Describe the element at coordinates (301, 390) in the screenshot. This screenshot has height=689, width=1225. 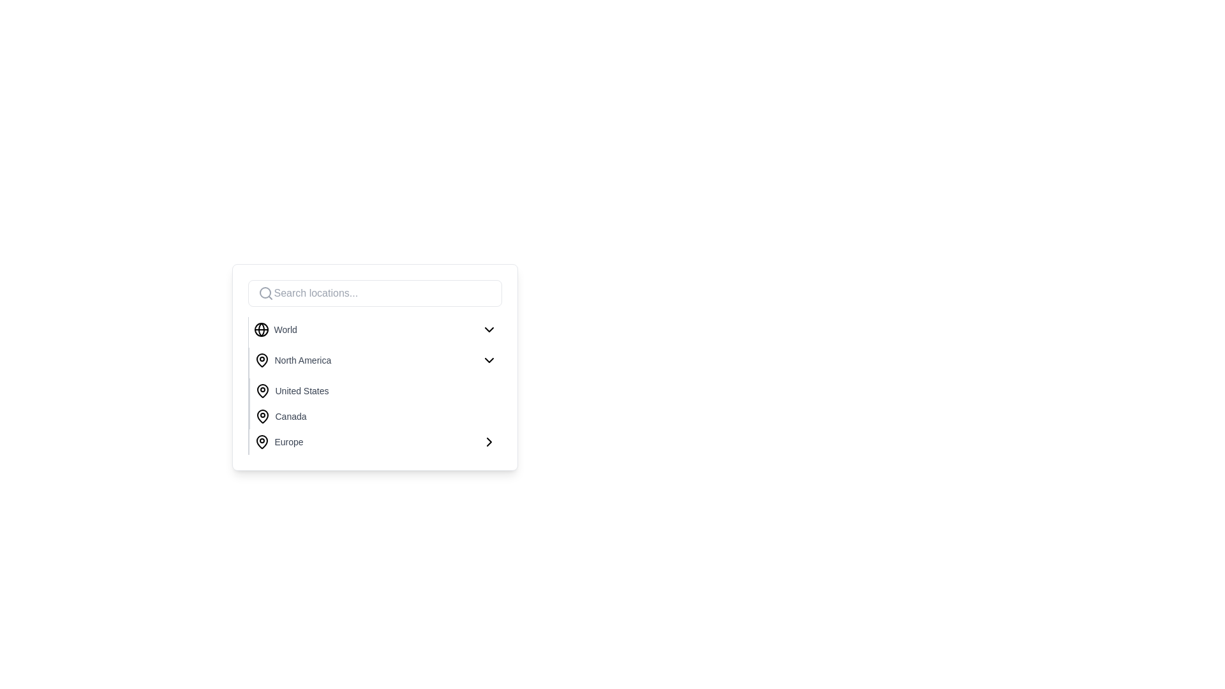
I see `the 'United States' static text label located within the dropdown menu` at that location.